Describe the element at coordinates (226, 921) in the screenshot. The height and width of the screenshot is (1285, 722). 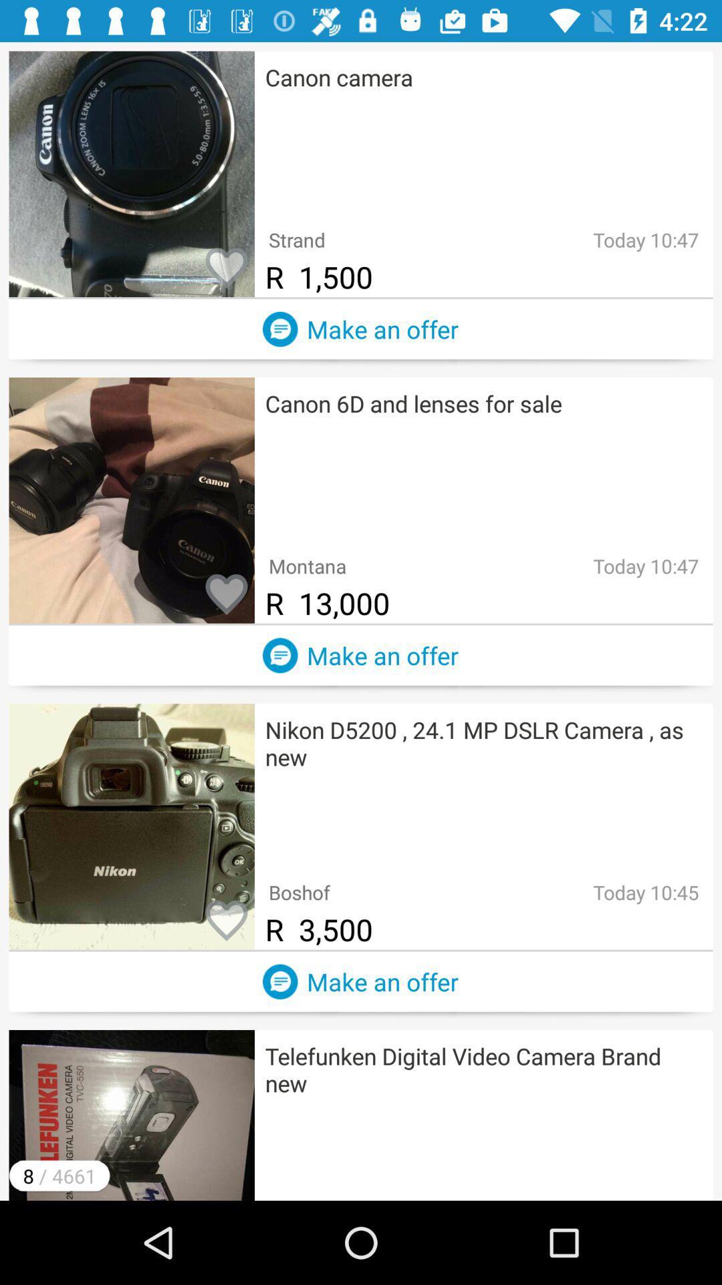
I see `this camera` at that location.